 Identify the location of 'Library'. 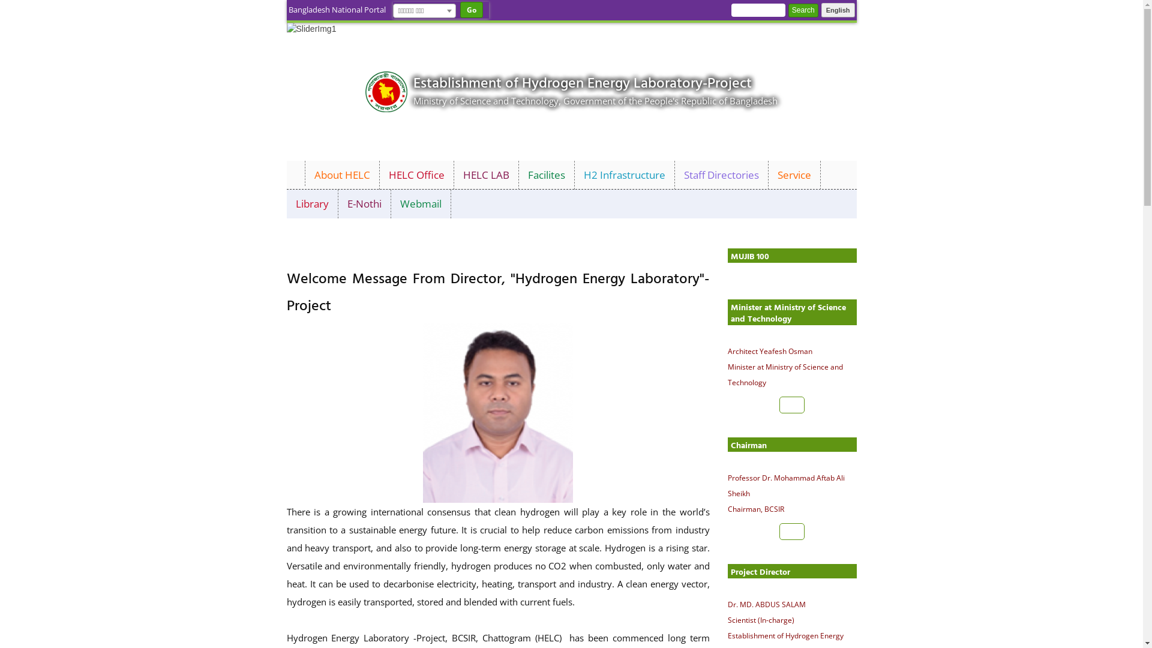
(313, 203).